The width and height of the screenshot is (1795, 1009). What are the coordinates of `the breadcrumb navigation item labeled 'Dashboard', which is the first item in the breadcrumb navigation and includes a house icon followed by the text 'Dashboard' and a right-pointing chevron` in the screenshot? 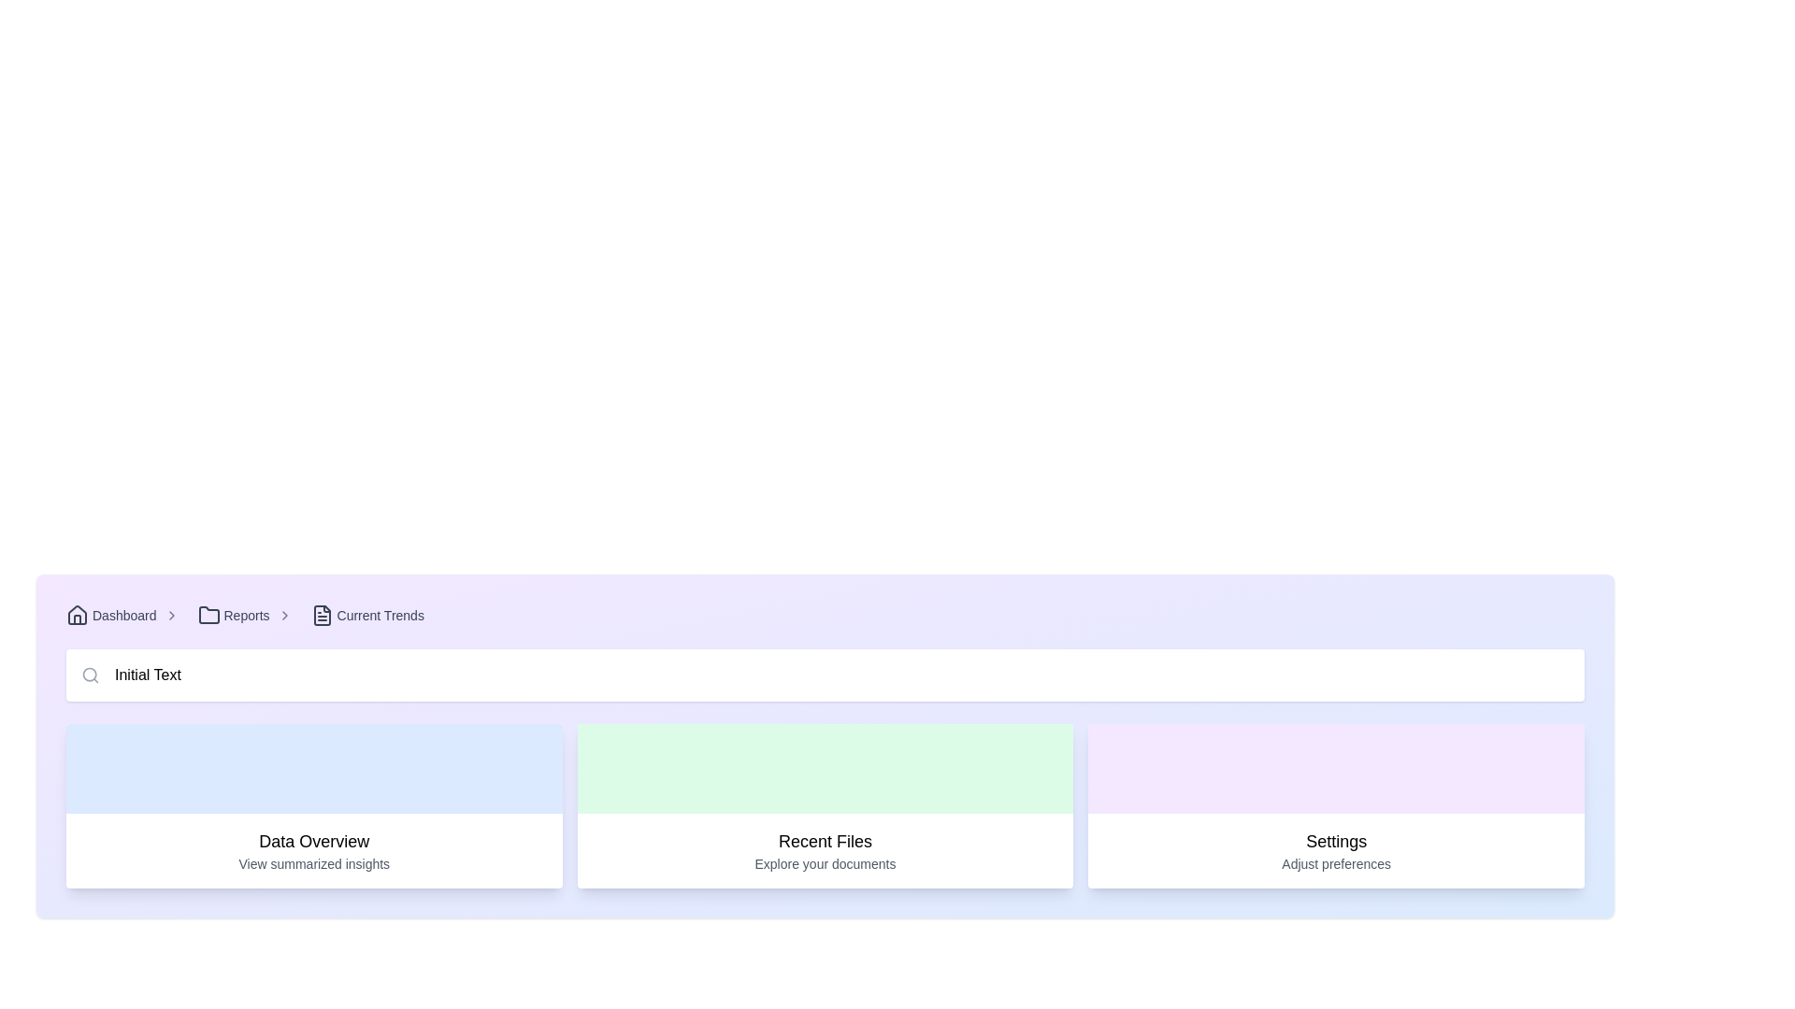 It's located at (125, 616).